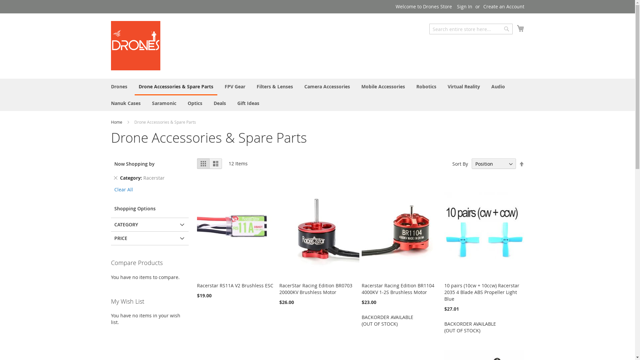 Image resolution: width=640 pixels, height=360 pixels. What do you see at coordinates (123, 189) in the screenshot?
I see `'Clear All'` at bounding box center [123, 189].